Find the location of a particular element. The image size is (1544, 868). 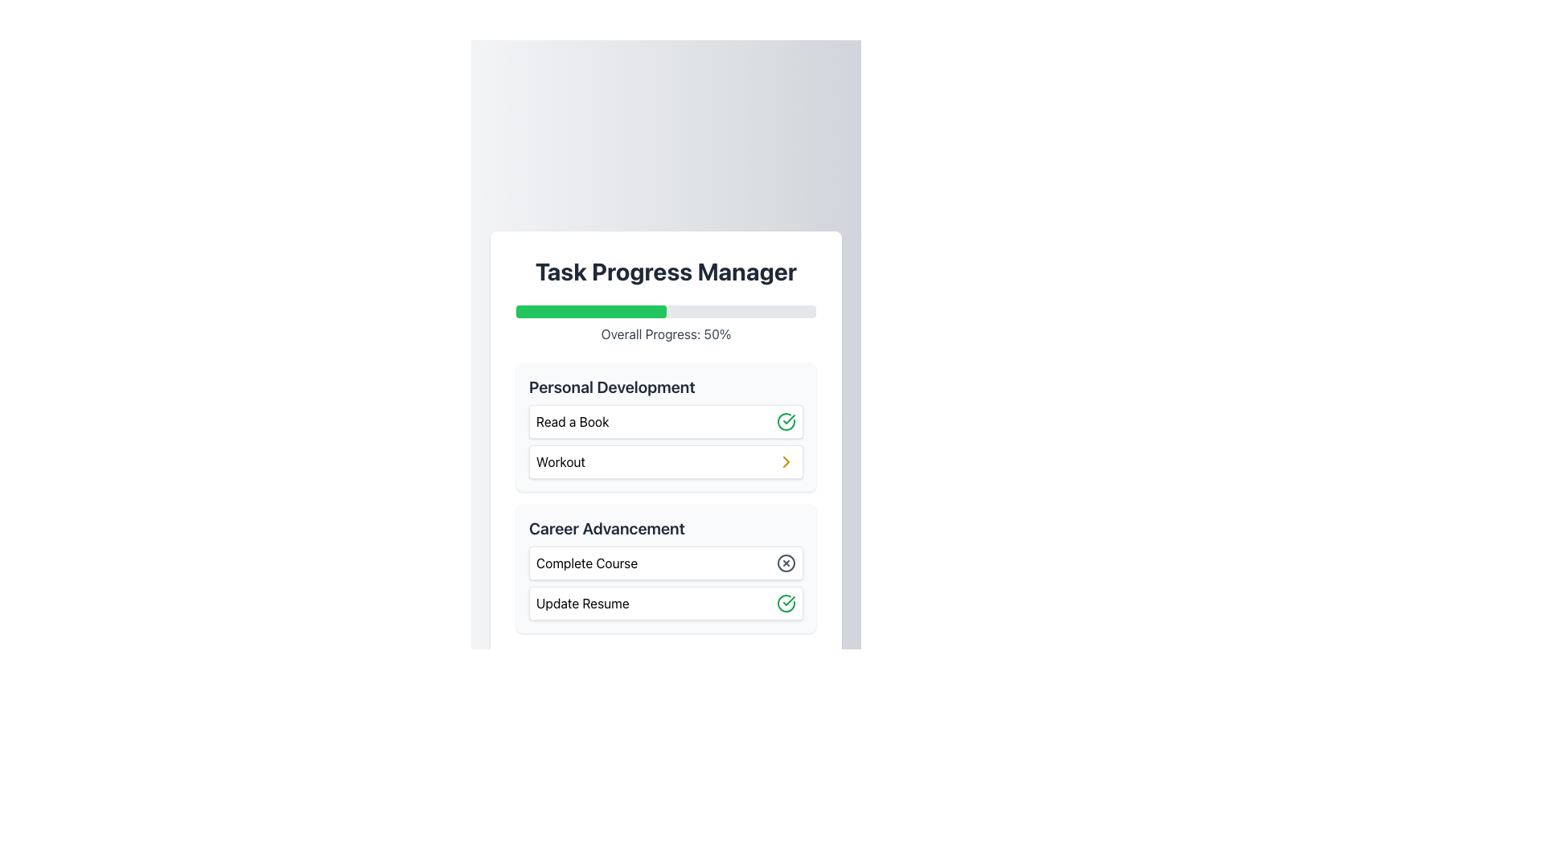

the Chevron icon located beside the 'Workout' label in the progress manager interface, indicating progression or navigation is located at coordinates (786, 461).